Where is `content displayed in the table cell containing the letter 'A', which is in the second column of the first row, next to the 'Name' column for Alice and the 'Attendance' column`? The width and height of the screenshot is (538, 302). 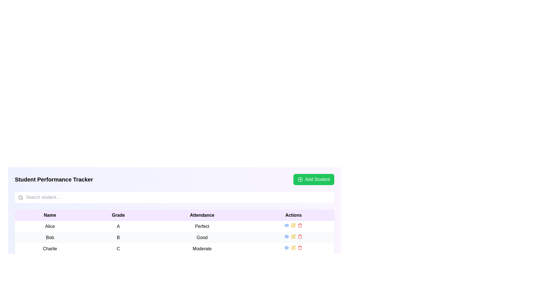 content displayed in the table cell containing the letter 'A', which is in the second column of the first row, next to the 'Name' column for Alice and the 'Attendance' column is located at coordinates (118, 226).